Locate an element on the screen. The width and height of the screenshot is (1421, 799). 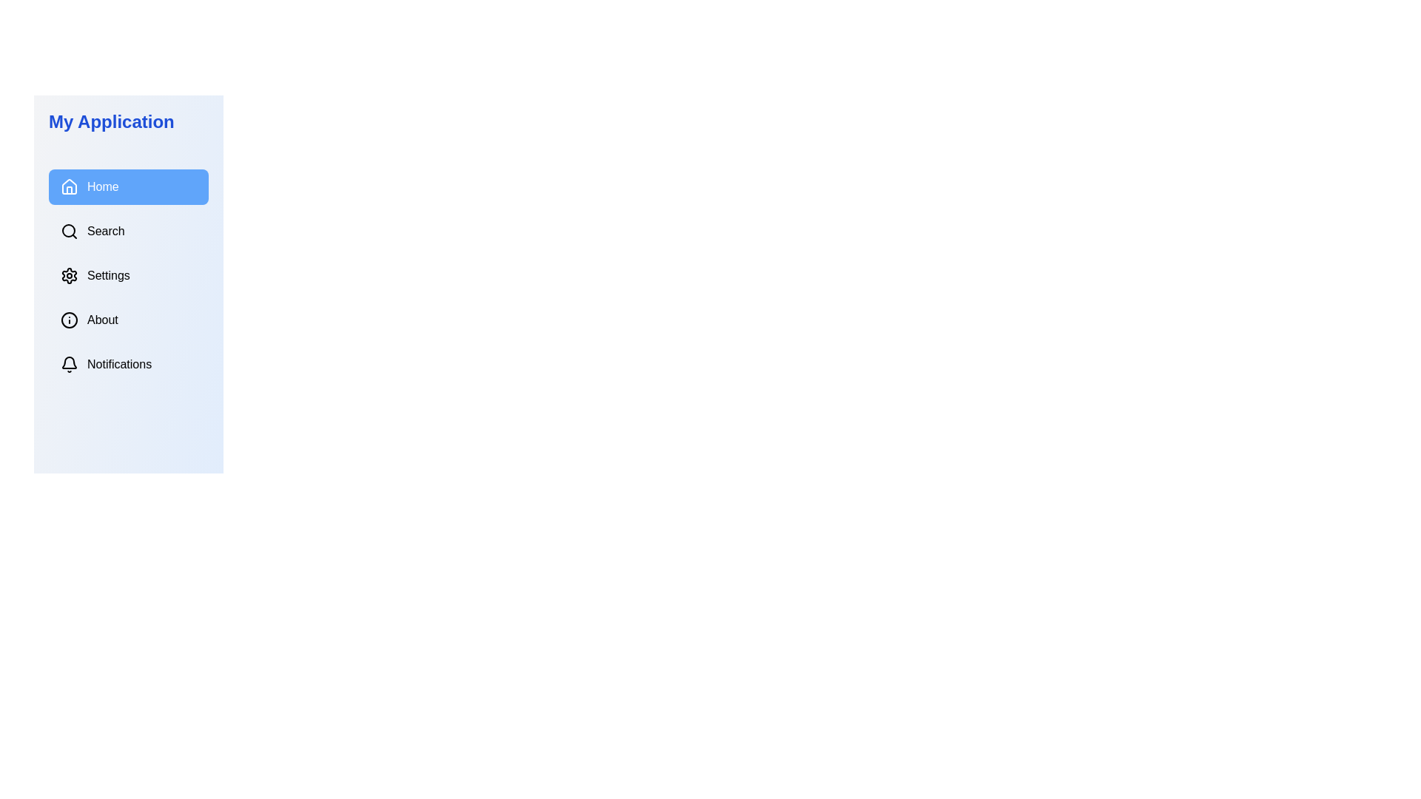
the small black magnifying glass icon, which represents a search action and is located to the left of the 'Search' text in the vertical navigation menu is located at coordinates (69, 231).